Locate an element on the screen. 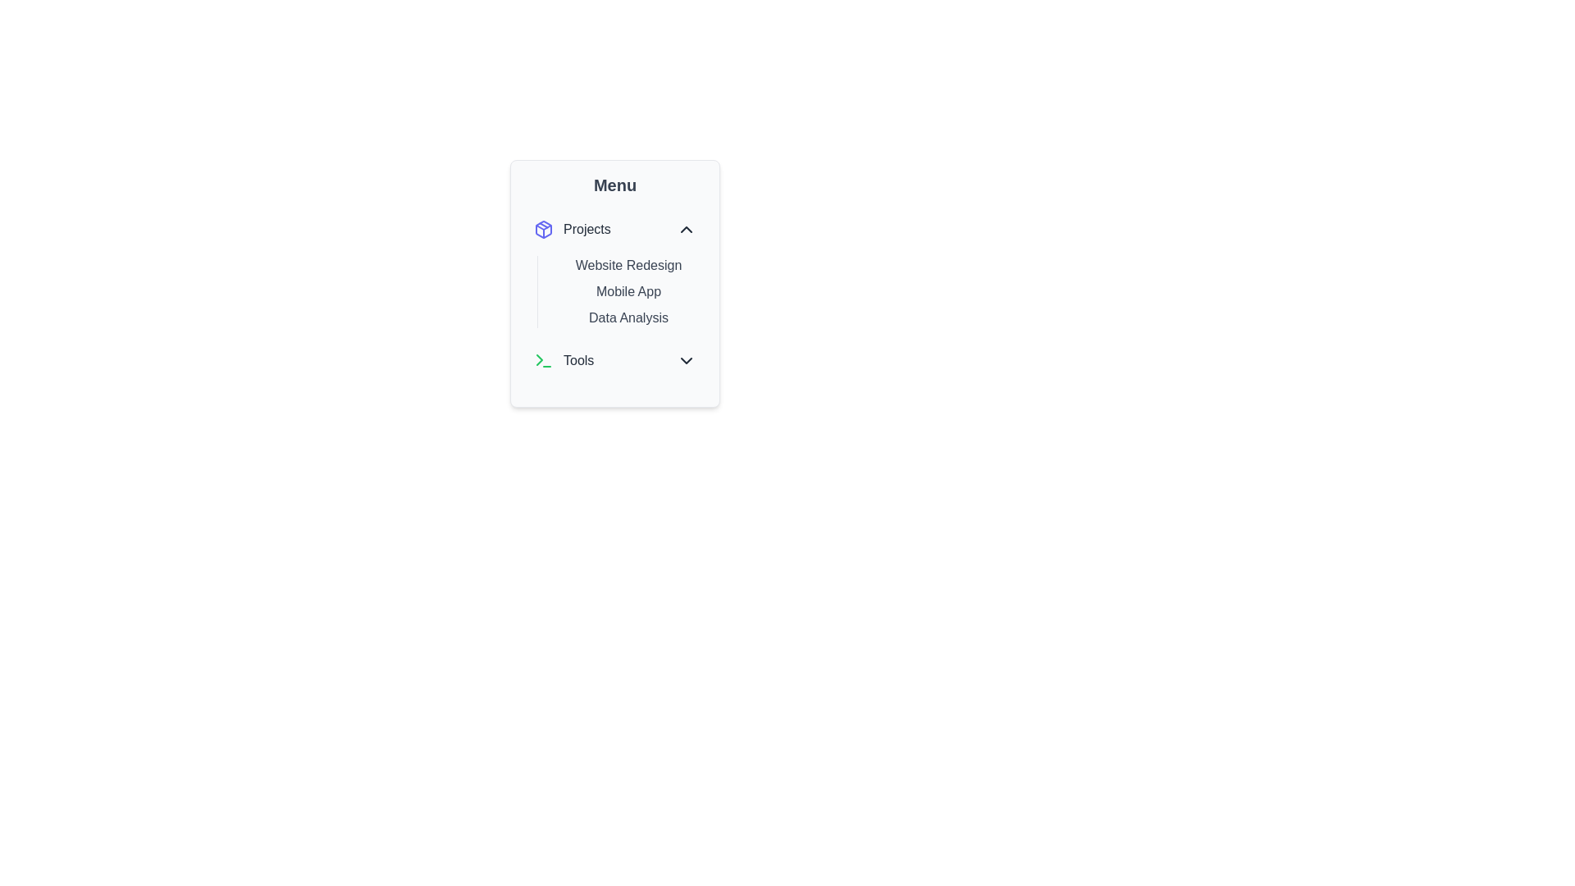 This screenshot has height=886, width=1575. the 'Projects' icon located in the navigation menu is located at coordinates (543, 230).